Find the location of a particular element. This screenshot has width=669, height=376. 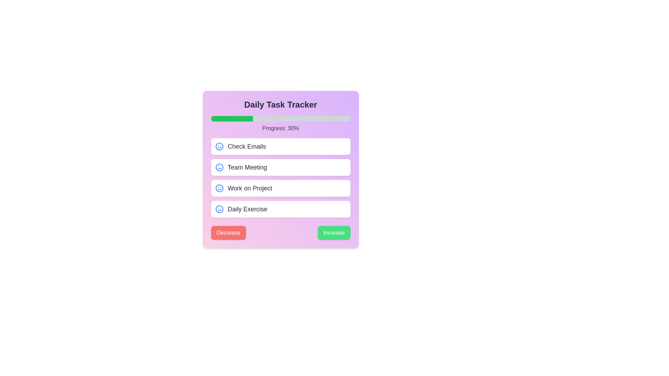

the decorative circle that represents the boundary of the smiley icon in the 'Work on Project' task is located at coordinates (219, 188).